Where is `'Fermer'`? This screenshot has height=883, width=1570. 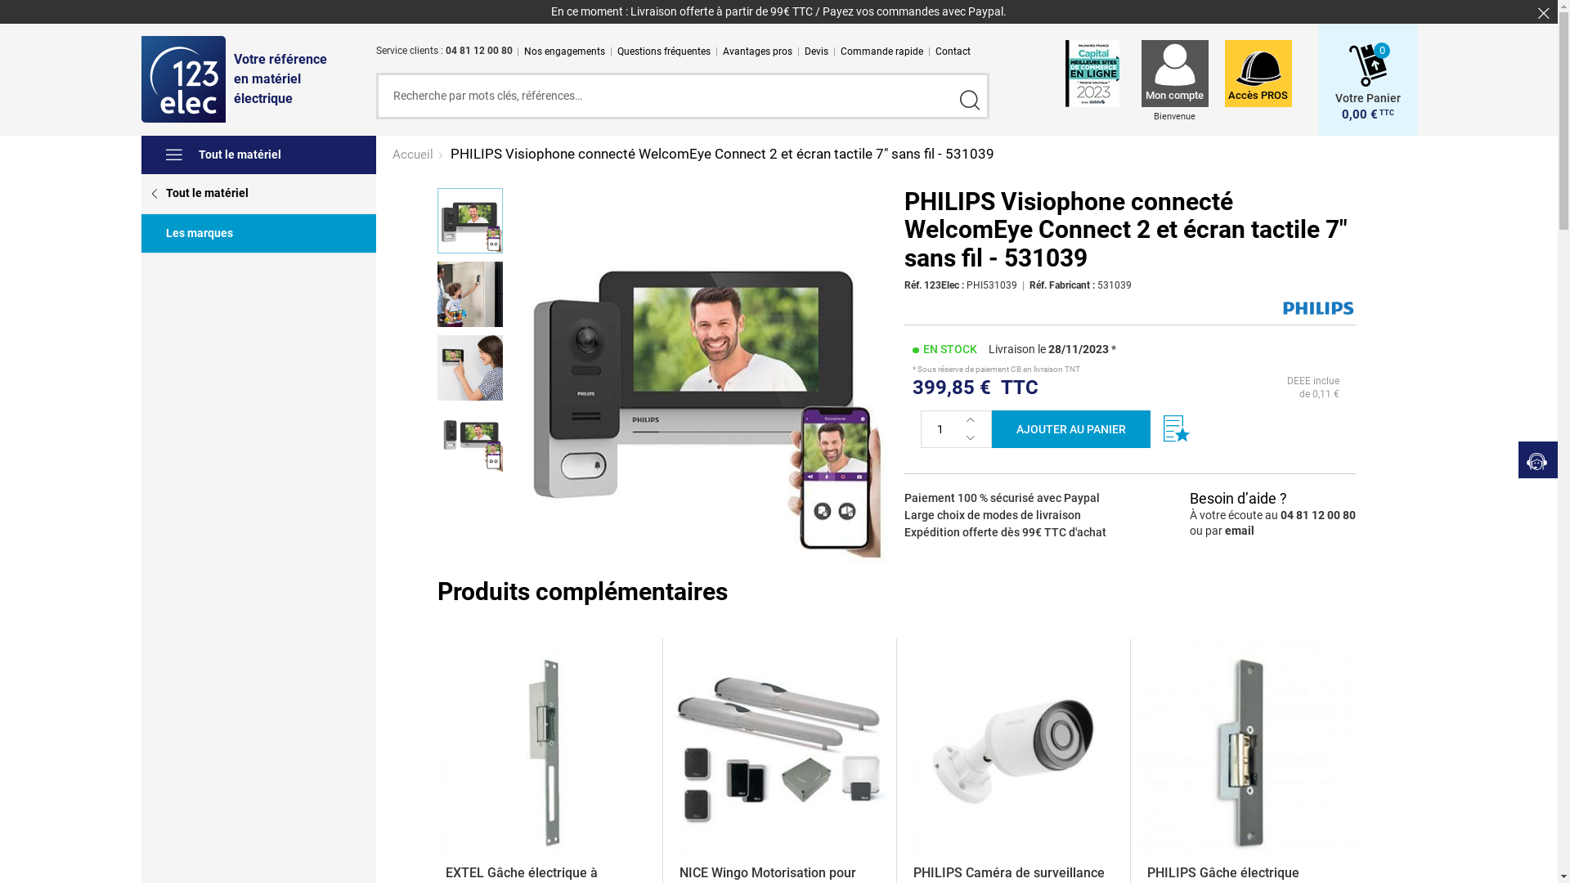 'Fermer' is located at coordinates (1542, 12).